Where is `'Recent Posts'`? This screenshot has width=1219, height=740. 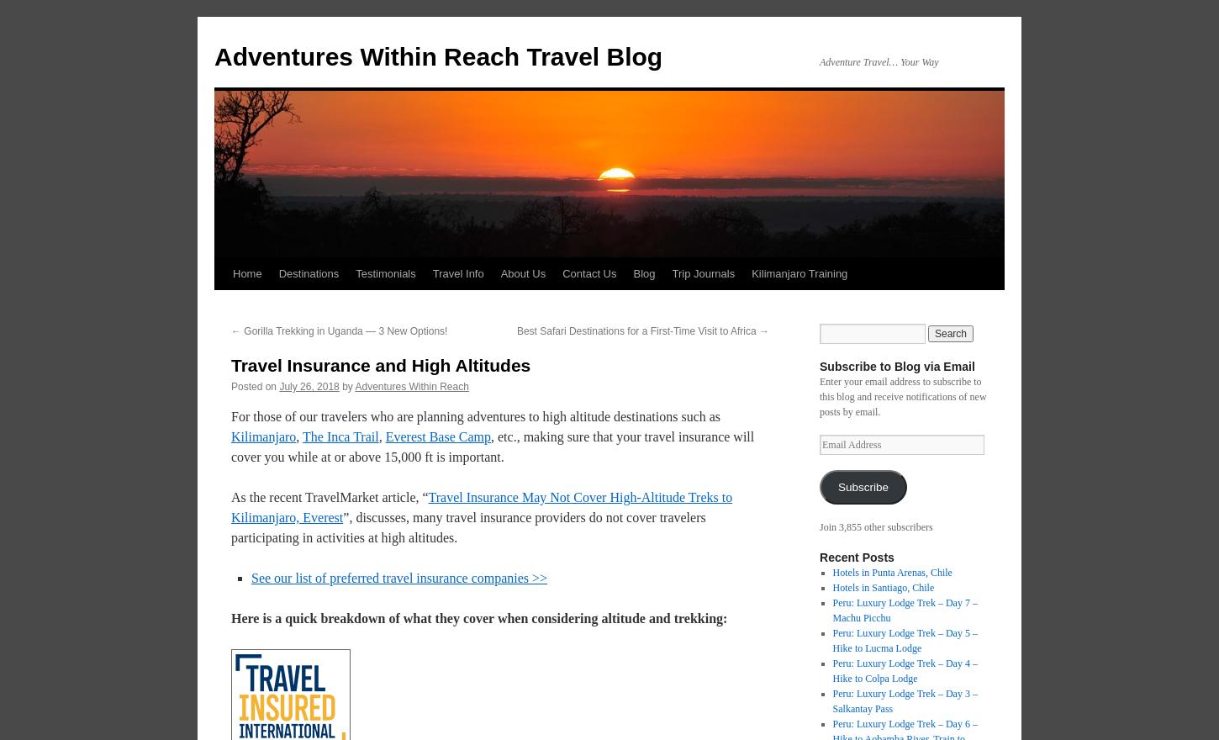 'Recent Posts' is located at coordinates (857, 556).